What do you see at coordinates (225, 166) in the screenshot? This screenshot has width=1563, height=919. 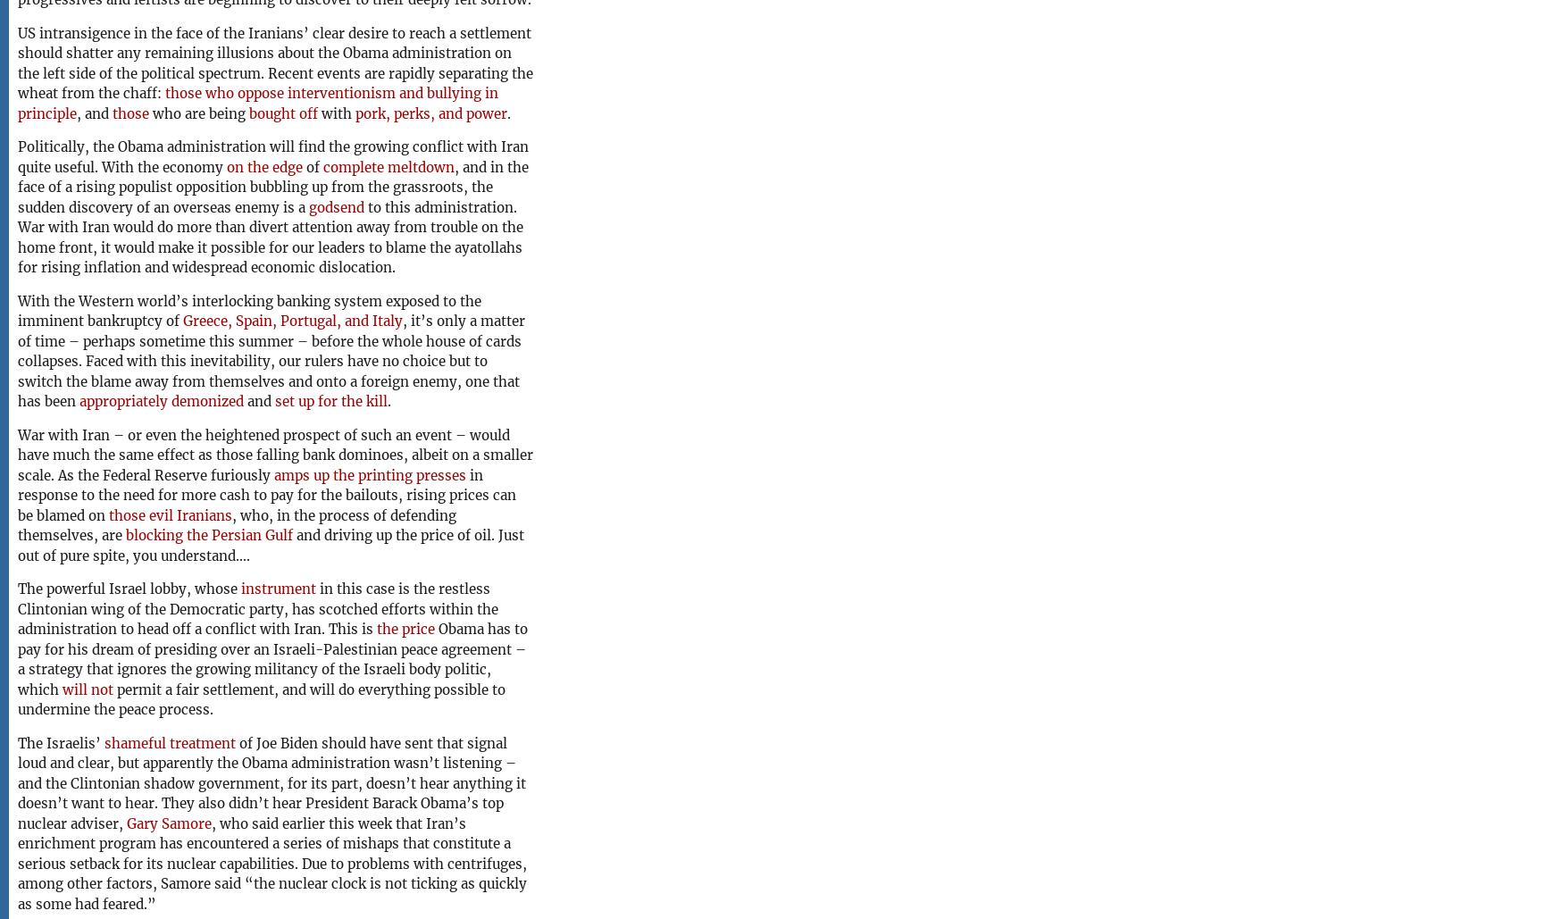 I see `'on the edge'` at bounding box center [225, 166].